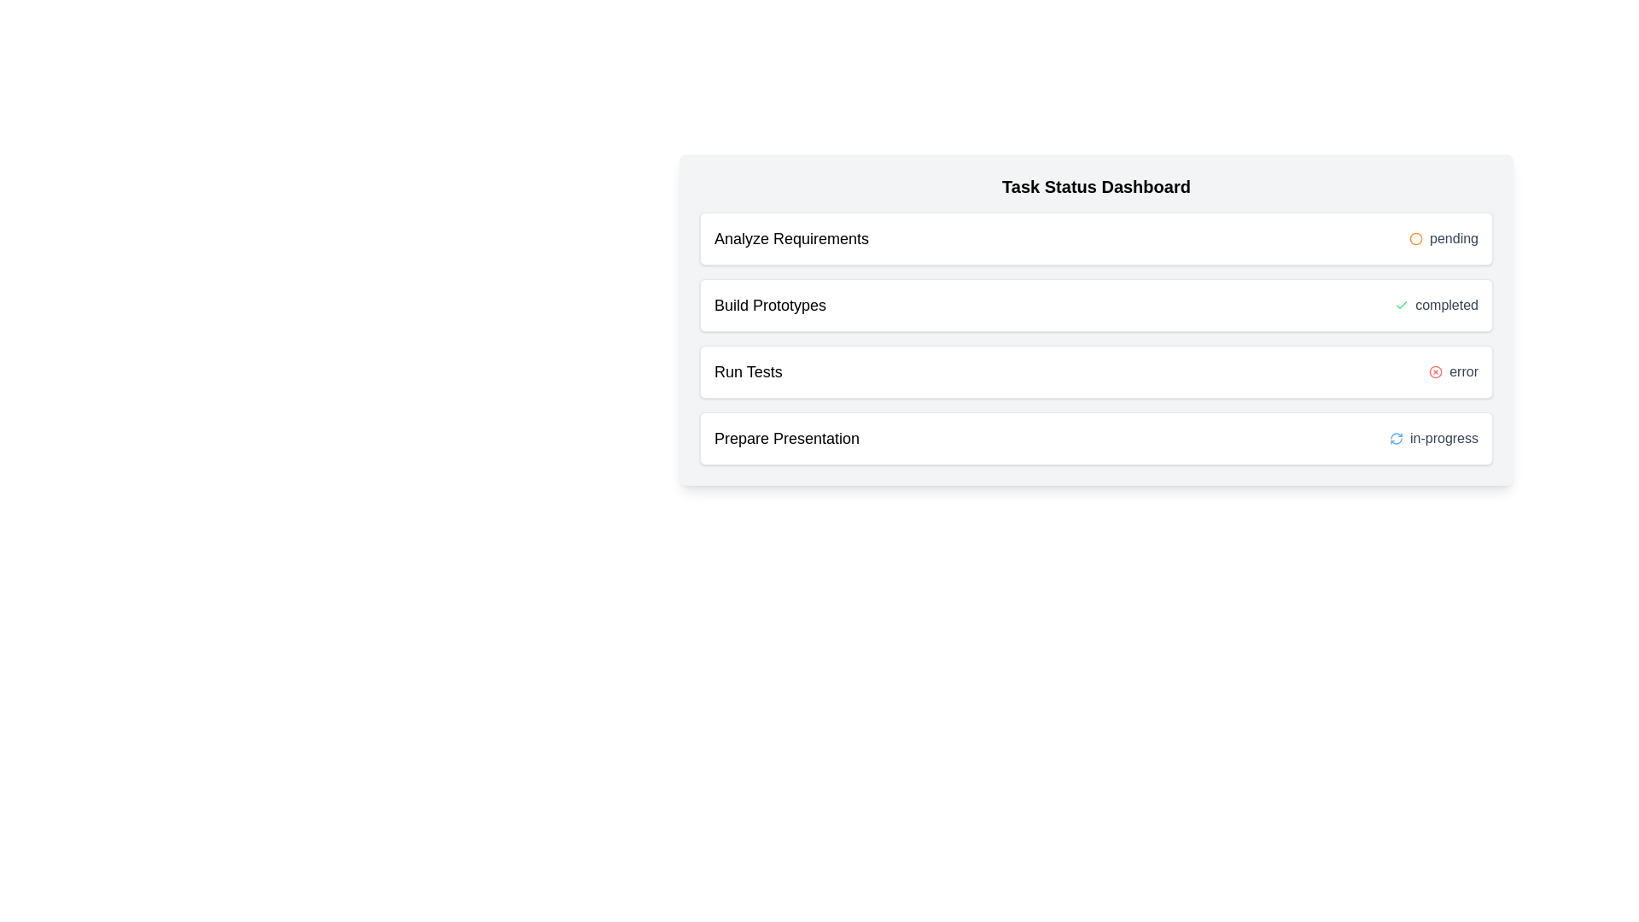 Image resolution: width=1639 pixels, height=922 pixels. What do you see at coordinates (1096, 305) in the screenshot?
I see `the completion status of the task represented by the card titled 'Build Prototypes' in the Task Status Dashboard to modify it` at bounding box center [1096, 305].